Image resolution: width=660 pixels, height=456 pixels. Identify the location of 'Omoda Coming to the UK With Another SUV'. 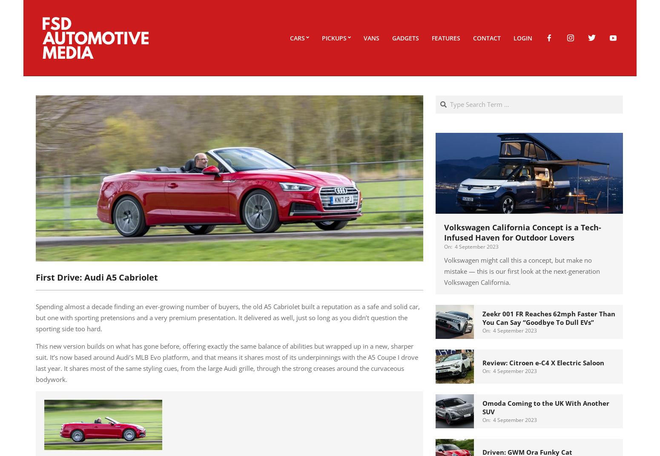
(545, 406).